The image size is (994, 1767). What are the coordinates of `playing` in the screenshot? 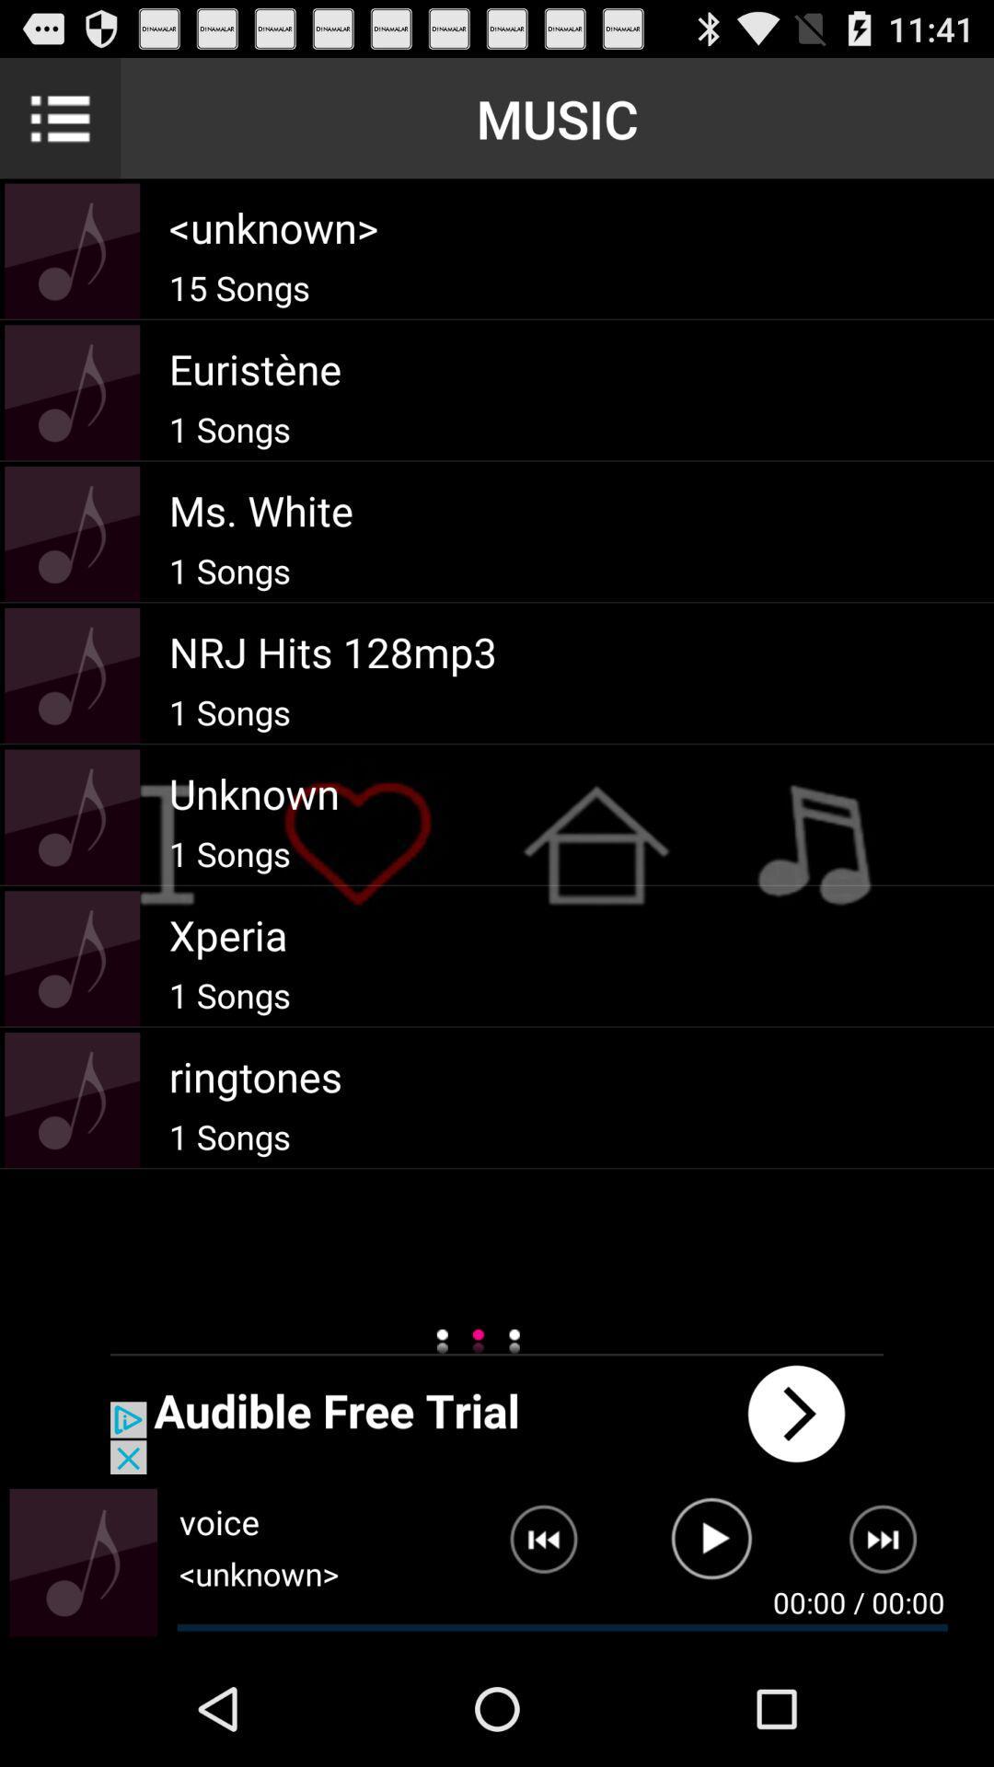 It's located at (711, 1546).